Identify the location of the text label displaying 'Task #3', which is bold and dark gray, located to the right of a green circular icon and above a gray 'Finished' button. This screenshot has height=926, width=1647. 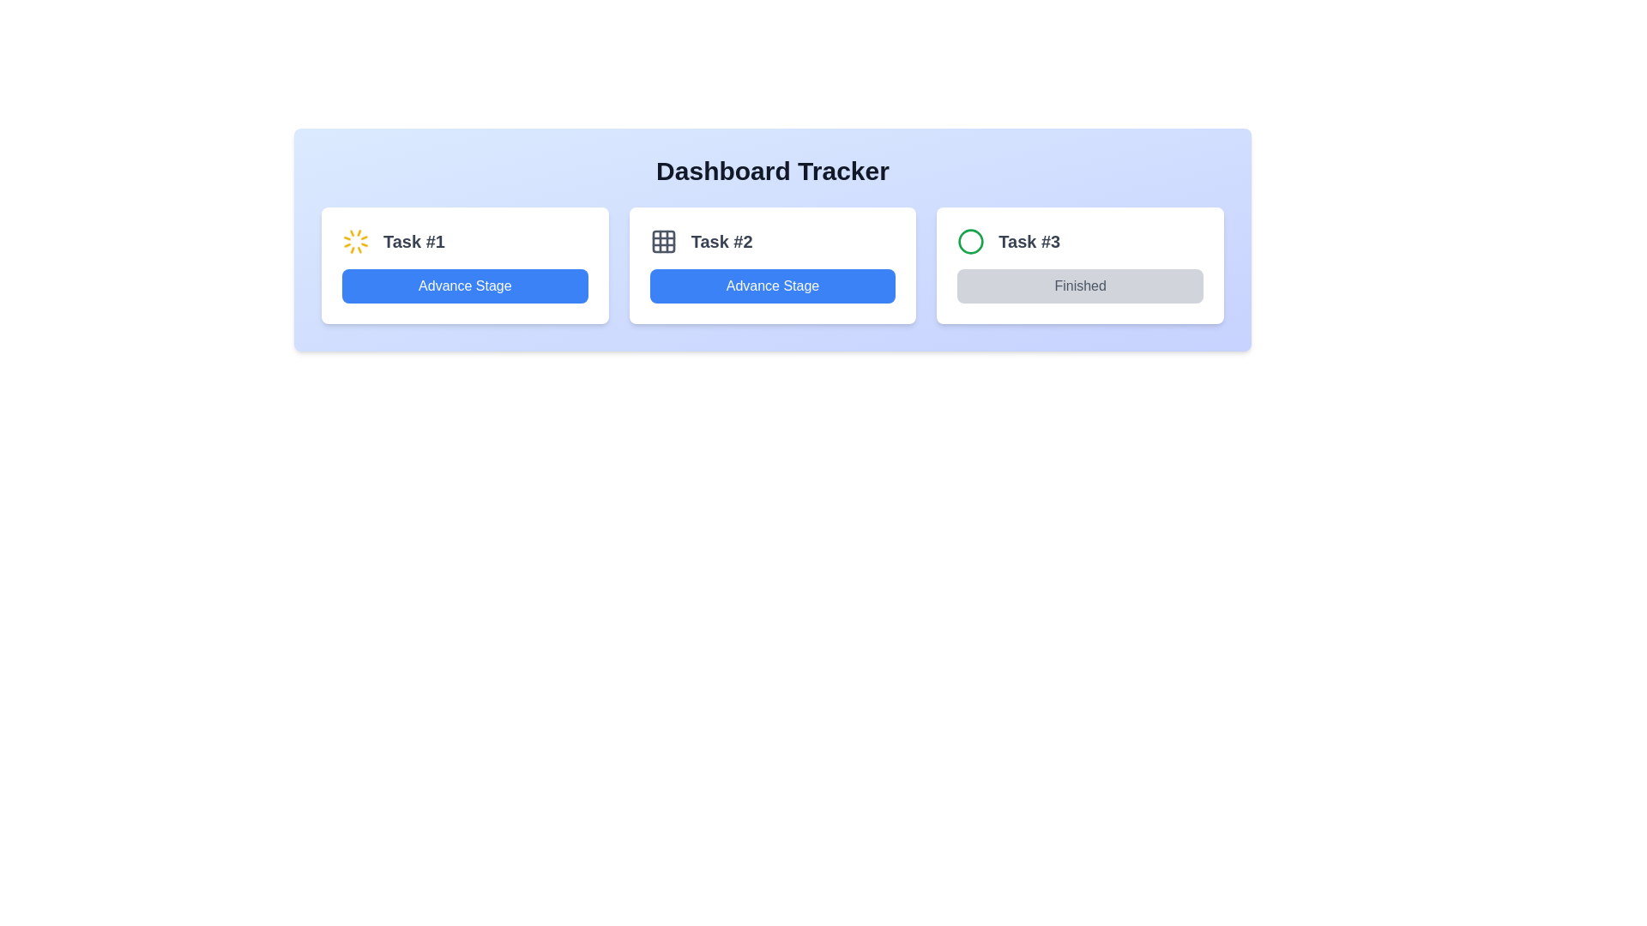
(1029, 241).